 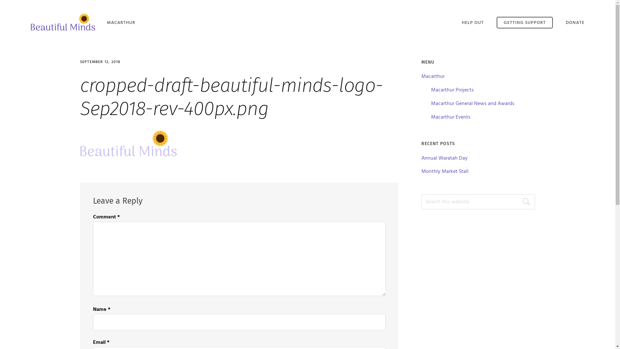 What do you see at coordinates (452, 90) in the screenshot?
I see `'Macarthur Projects'` at bounding box center [452, 90].